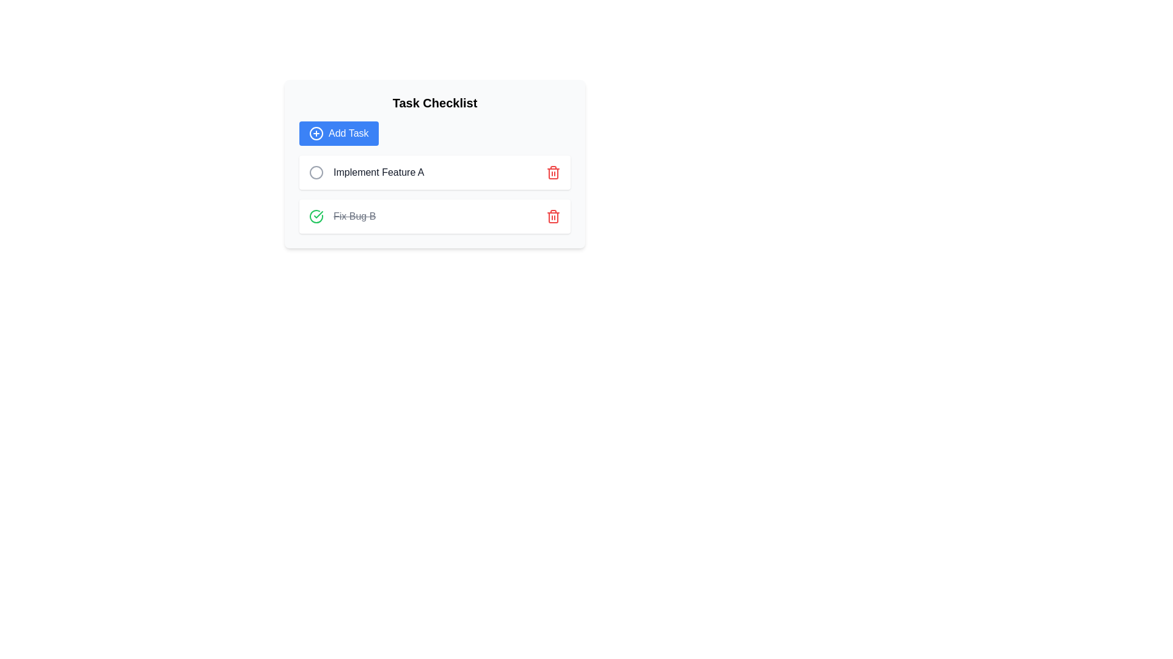 This screenshot has width=1173, height=659. I want to click on the completed task text label in the second task row of the checklist, which has a green checkmark on its left and a red delete icon on its right, so click(354, 215).